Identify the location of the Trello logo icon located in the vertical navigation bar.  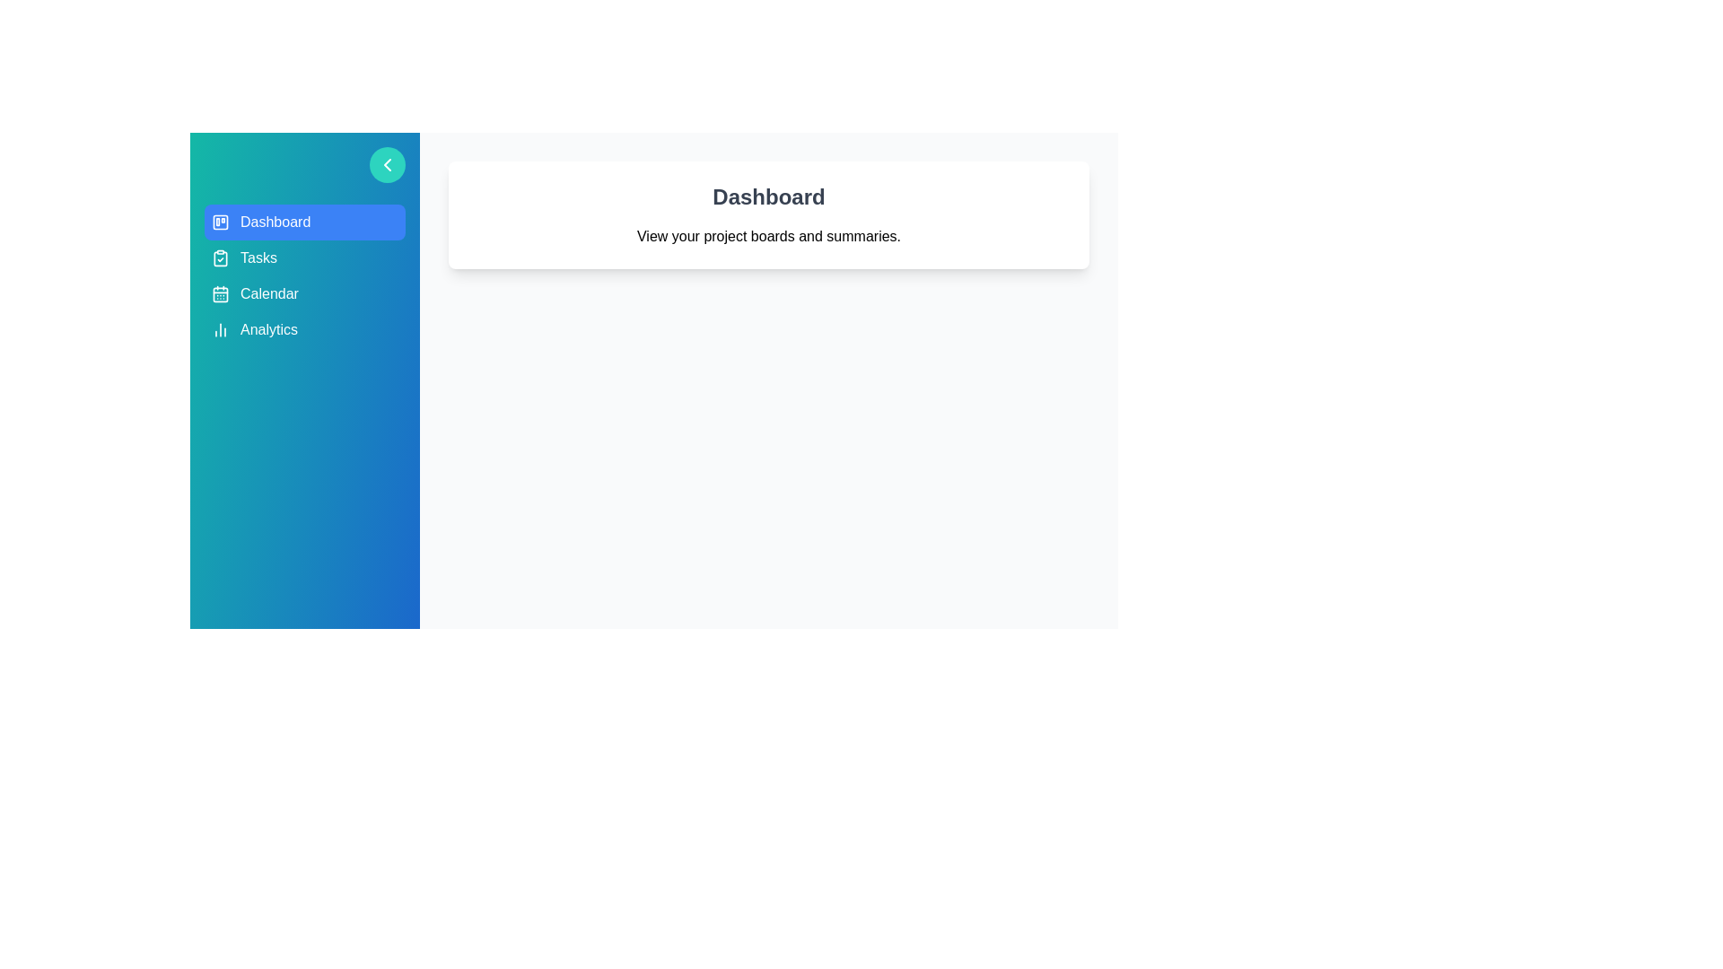
(219, 221).